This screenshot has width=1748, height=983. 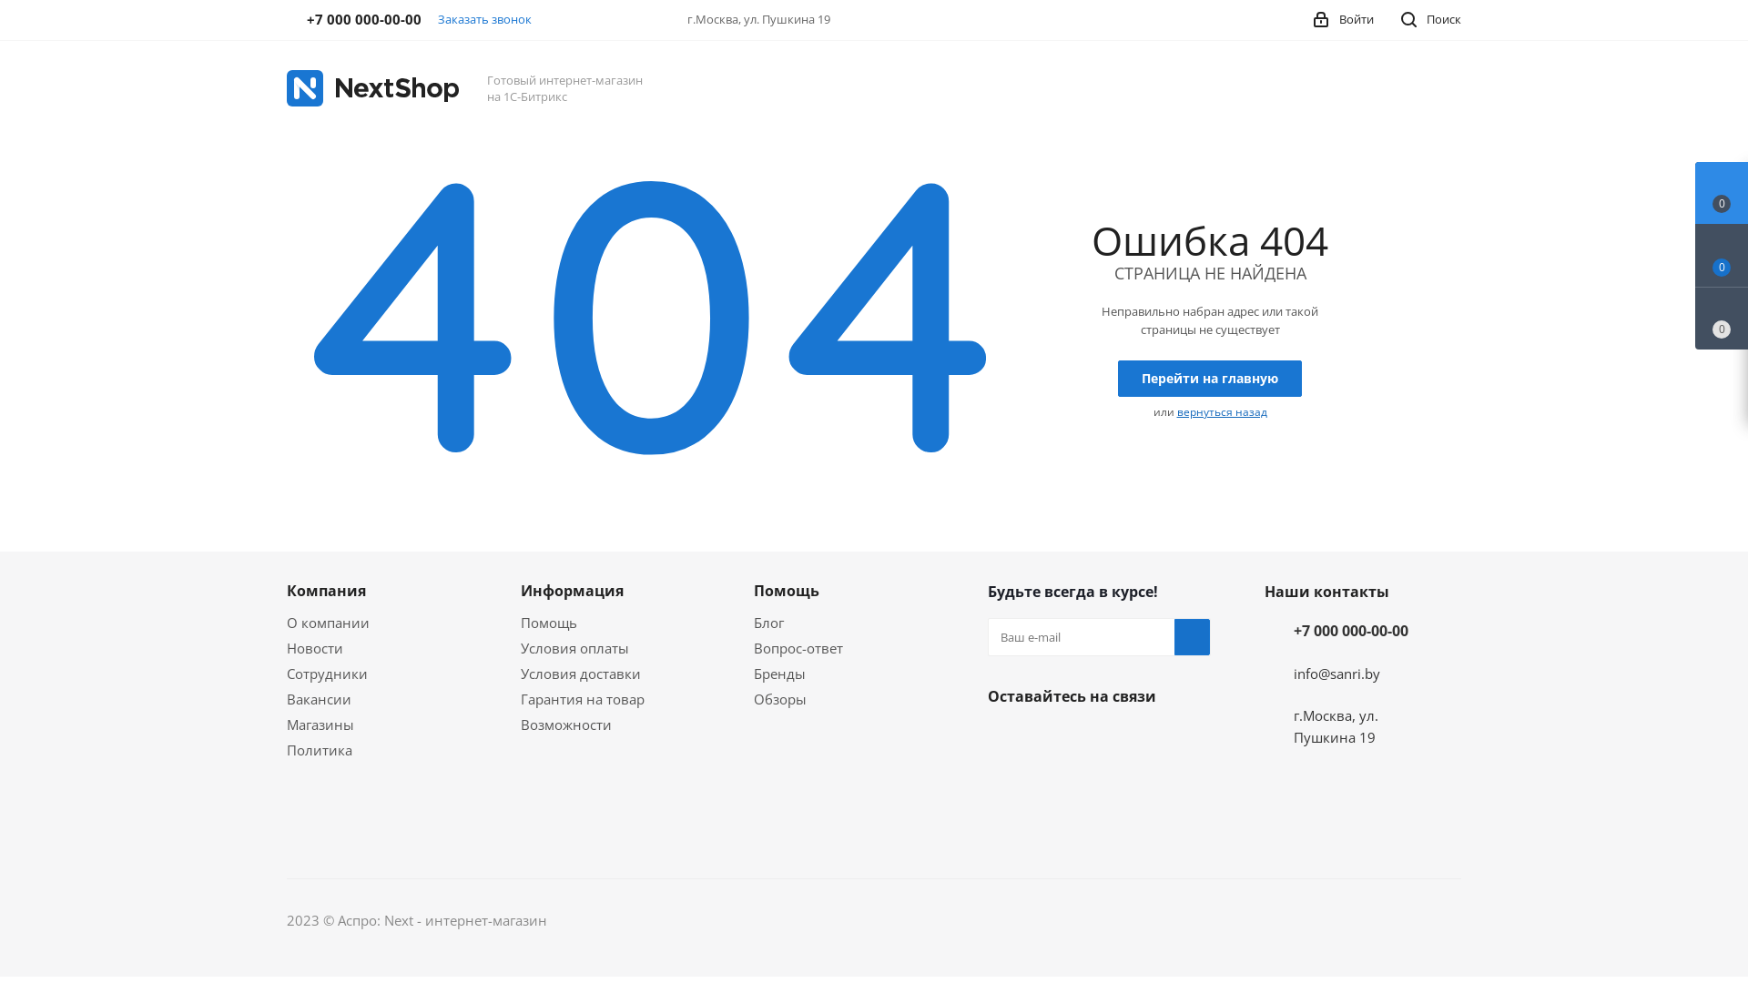 What do you see at coordinates (1157, 920) in the screenshot?
I see `'Cash'` at bounding box center [1157, 920].